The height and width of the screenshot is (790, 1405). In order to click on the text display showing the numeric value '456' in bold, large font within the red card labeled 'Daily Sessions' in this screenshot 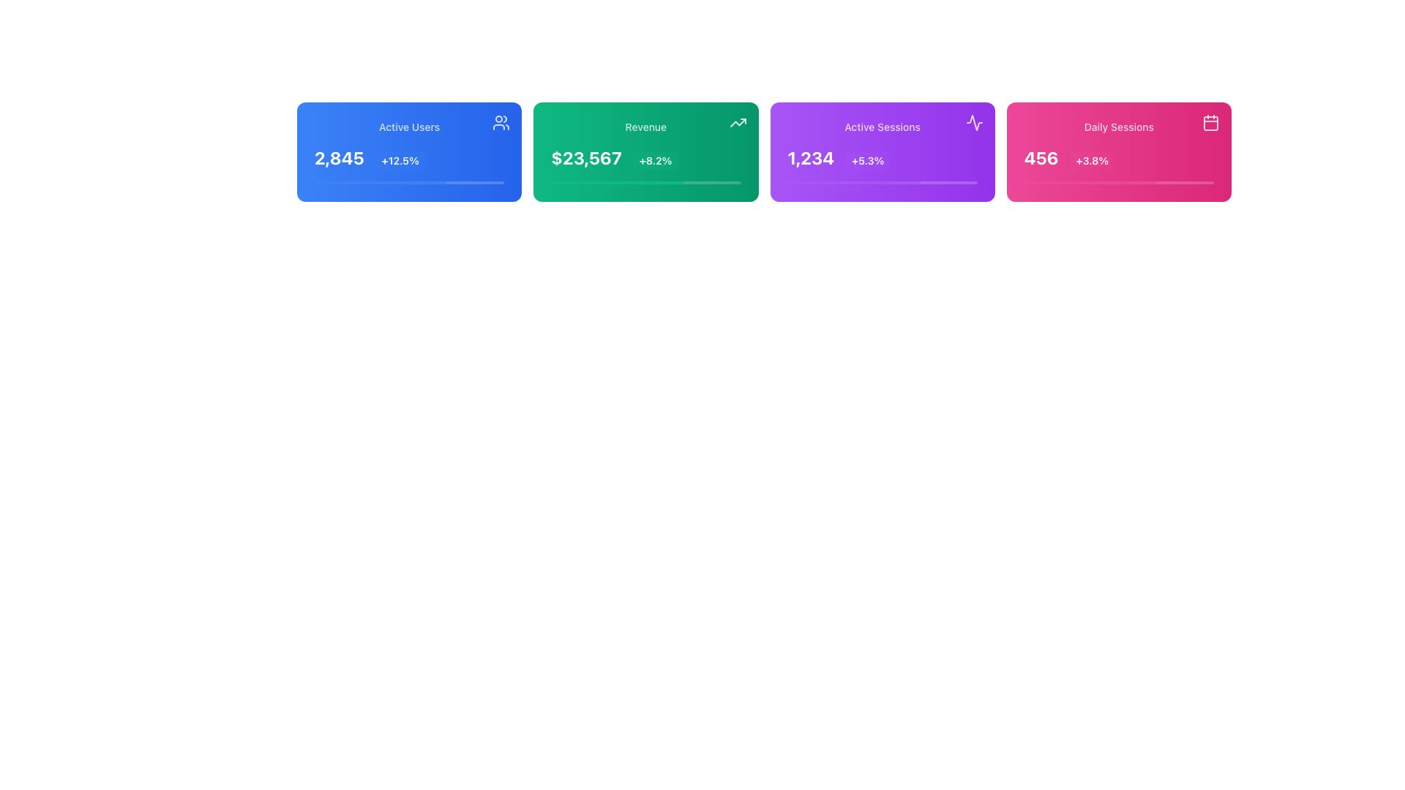, I will do `click(1041, 158)`.